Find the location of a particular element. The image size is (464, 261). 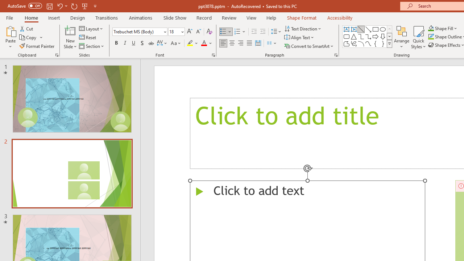

'Shapes' is located at coordinates (389, 43).